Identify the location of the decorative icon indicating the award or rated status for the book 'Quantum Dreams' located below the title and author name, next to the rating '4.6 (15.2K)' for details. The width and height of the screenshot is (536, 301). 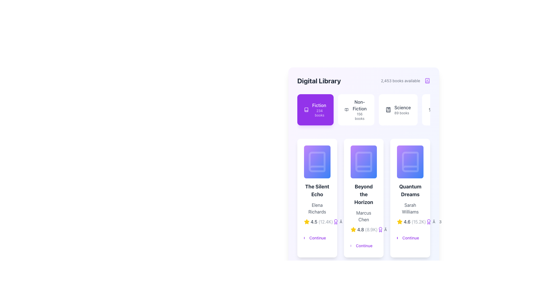
(428, 222).